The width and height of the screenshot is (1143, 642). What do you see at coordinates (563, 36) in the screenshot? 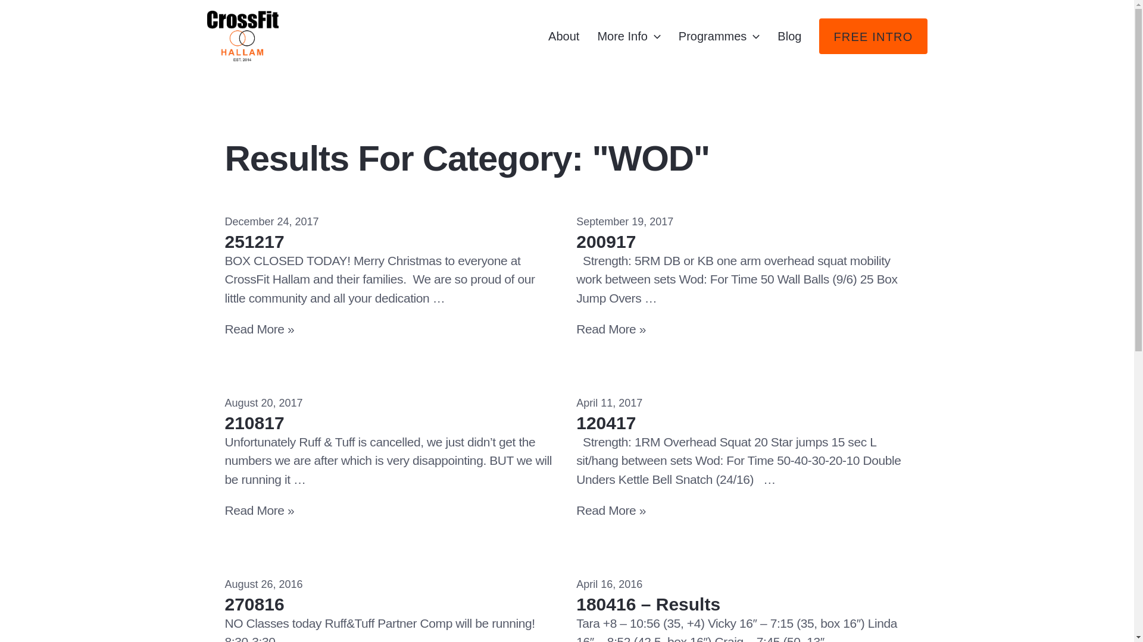
I see `'About'` at bounding box center [563, 36].